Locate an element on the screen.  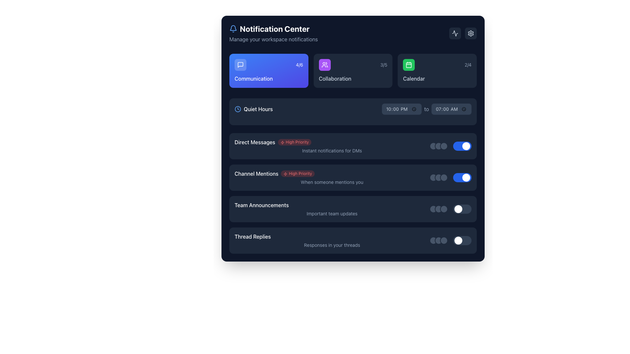
the toggle switch in the Notification Setting Card is located at coordinates (352, 178).